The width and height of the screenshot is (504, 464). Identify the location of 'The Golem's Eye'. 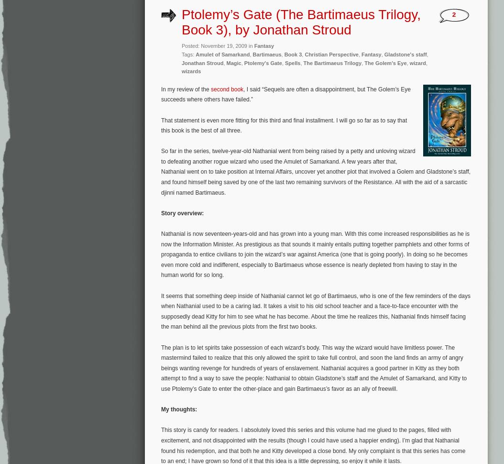
(384, 63).